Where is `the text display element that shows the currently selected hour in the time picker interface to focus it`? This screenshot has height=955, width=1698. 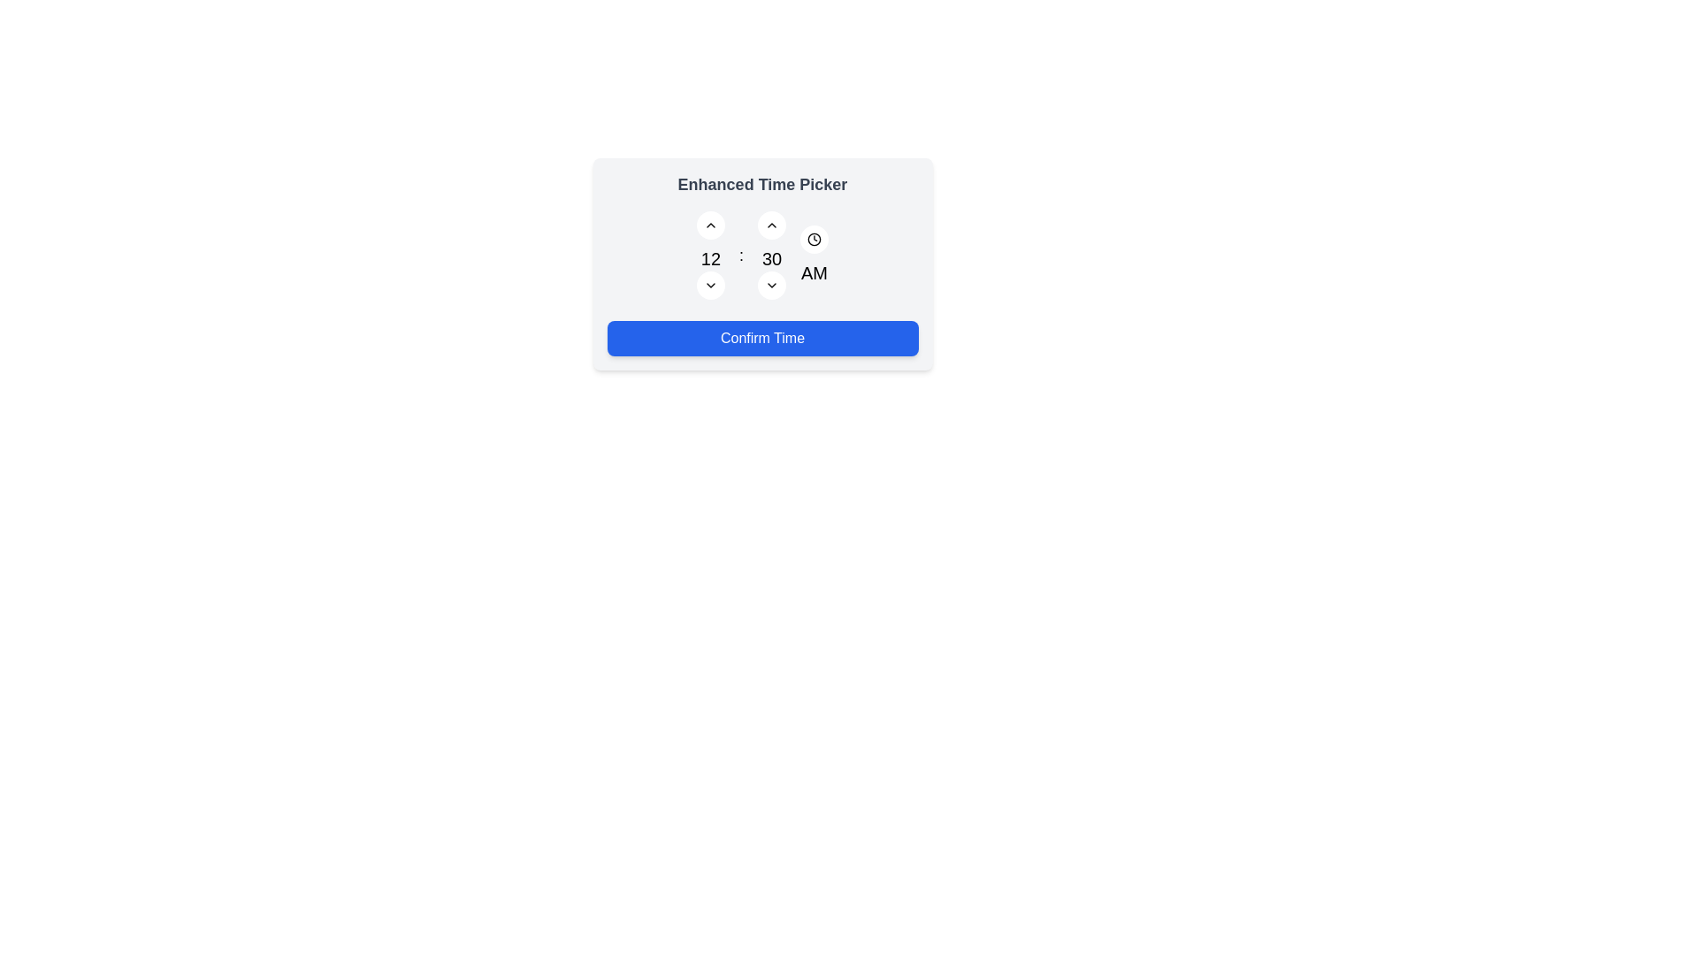 the text display element that shows the currently selected hour in the time picker interface to focus it is located at coordinates (710, 259).